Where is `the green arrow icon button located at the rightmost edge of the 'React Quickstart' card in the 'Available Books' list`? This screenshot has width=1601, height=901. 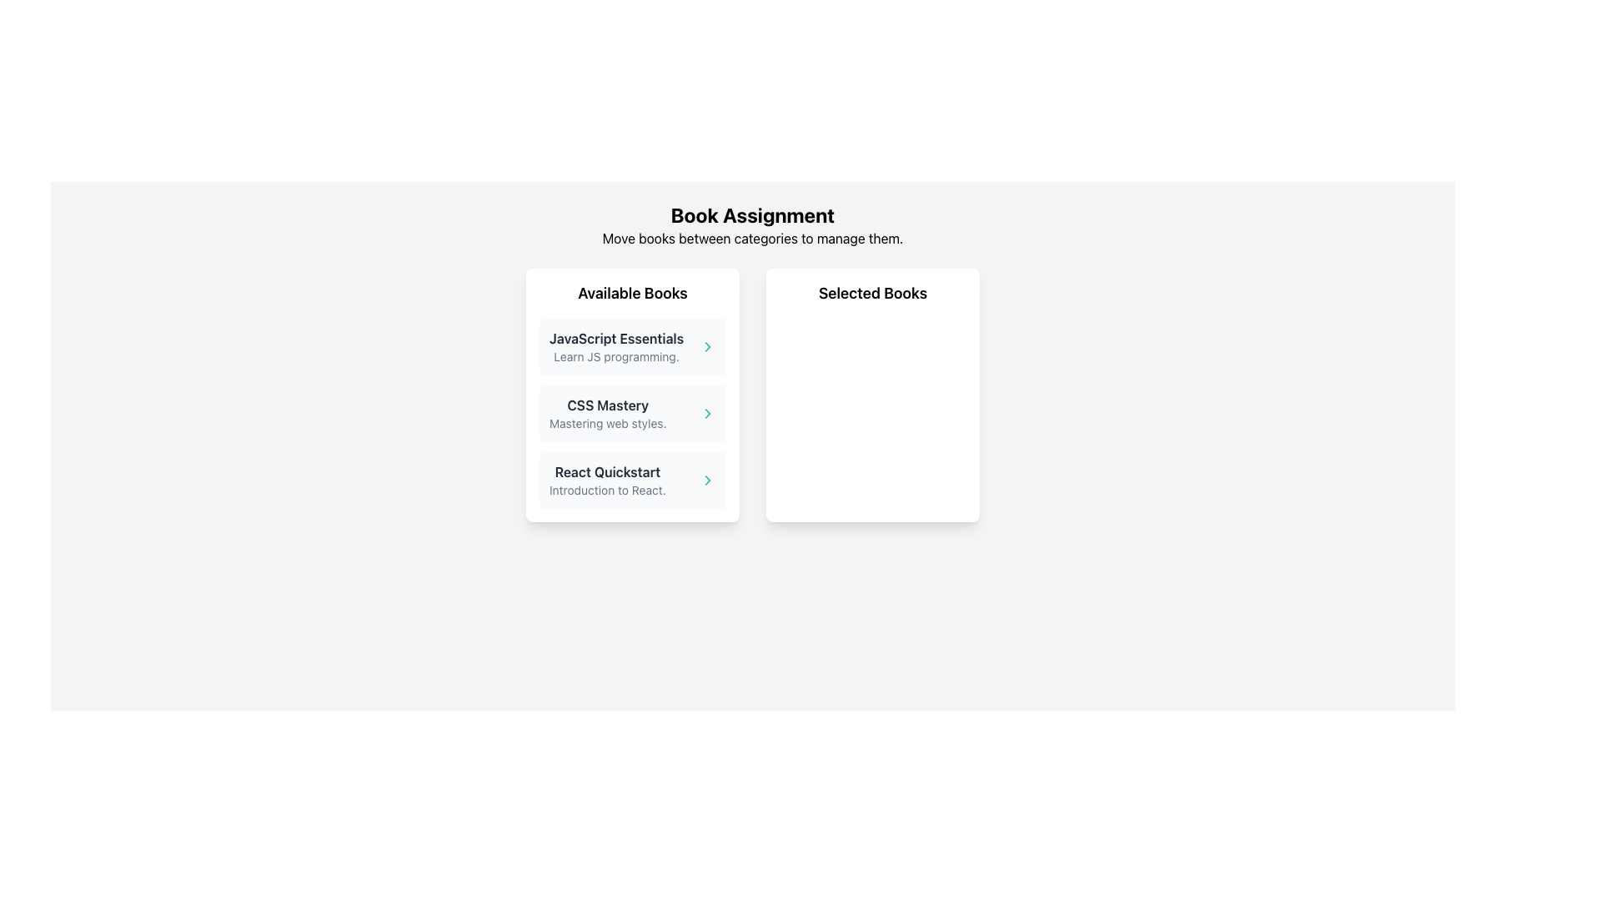 the green arrow icon button located at the rightmost edge of the 'React Quickstart' card in the 'Available Books' list is located at coordinates (708, 480).